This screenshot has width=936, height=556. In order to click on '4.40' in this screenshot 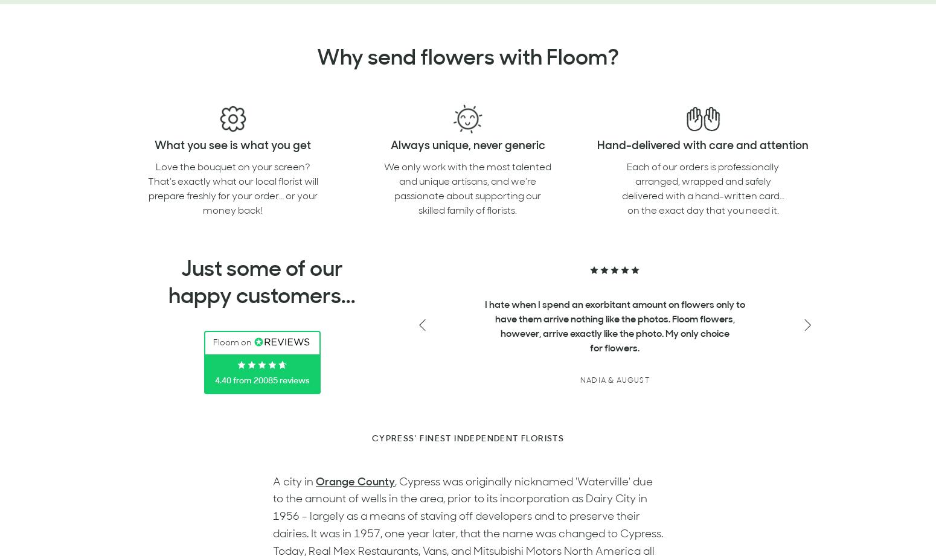, I will do `click(222, 380)`.